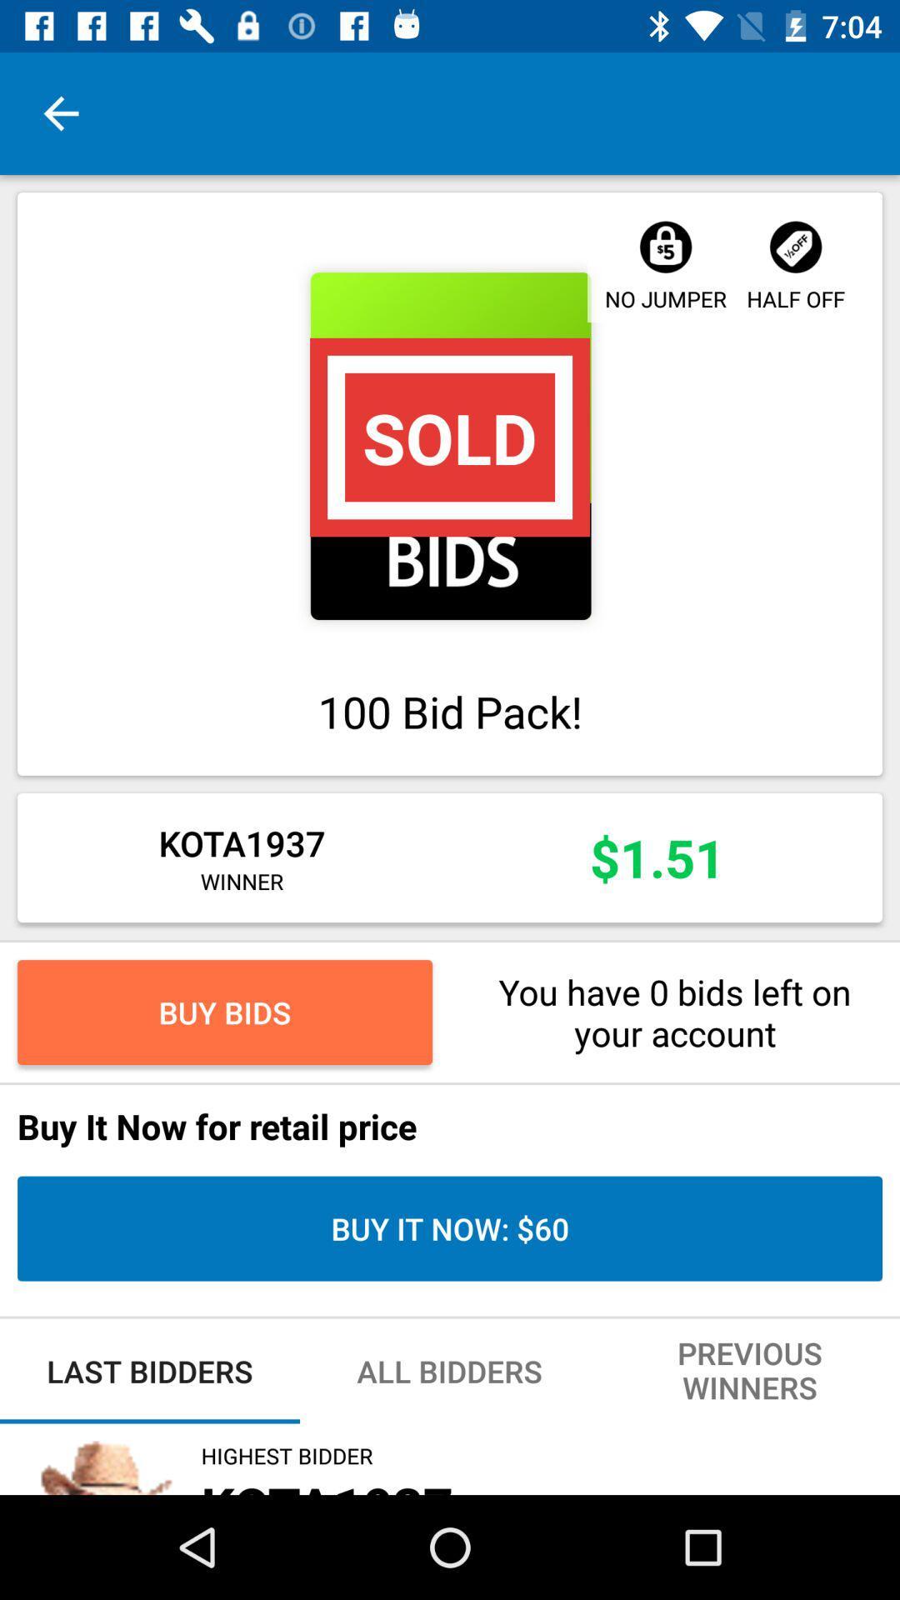 This screenshot has width=900, height=1600. What do you see at coordinates (450, 446) in the screenshot?
I see `product page` at bounding box center [450, 446].